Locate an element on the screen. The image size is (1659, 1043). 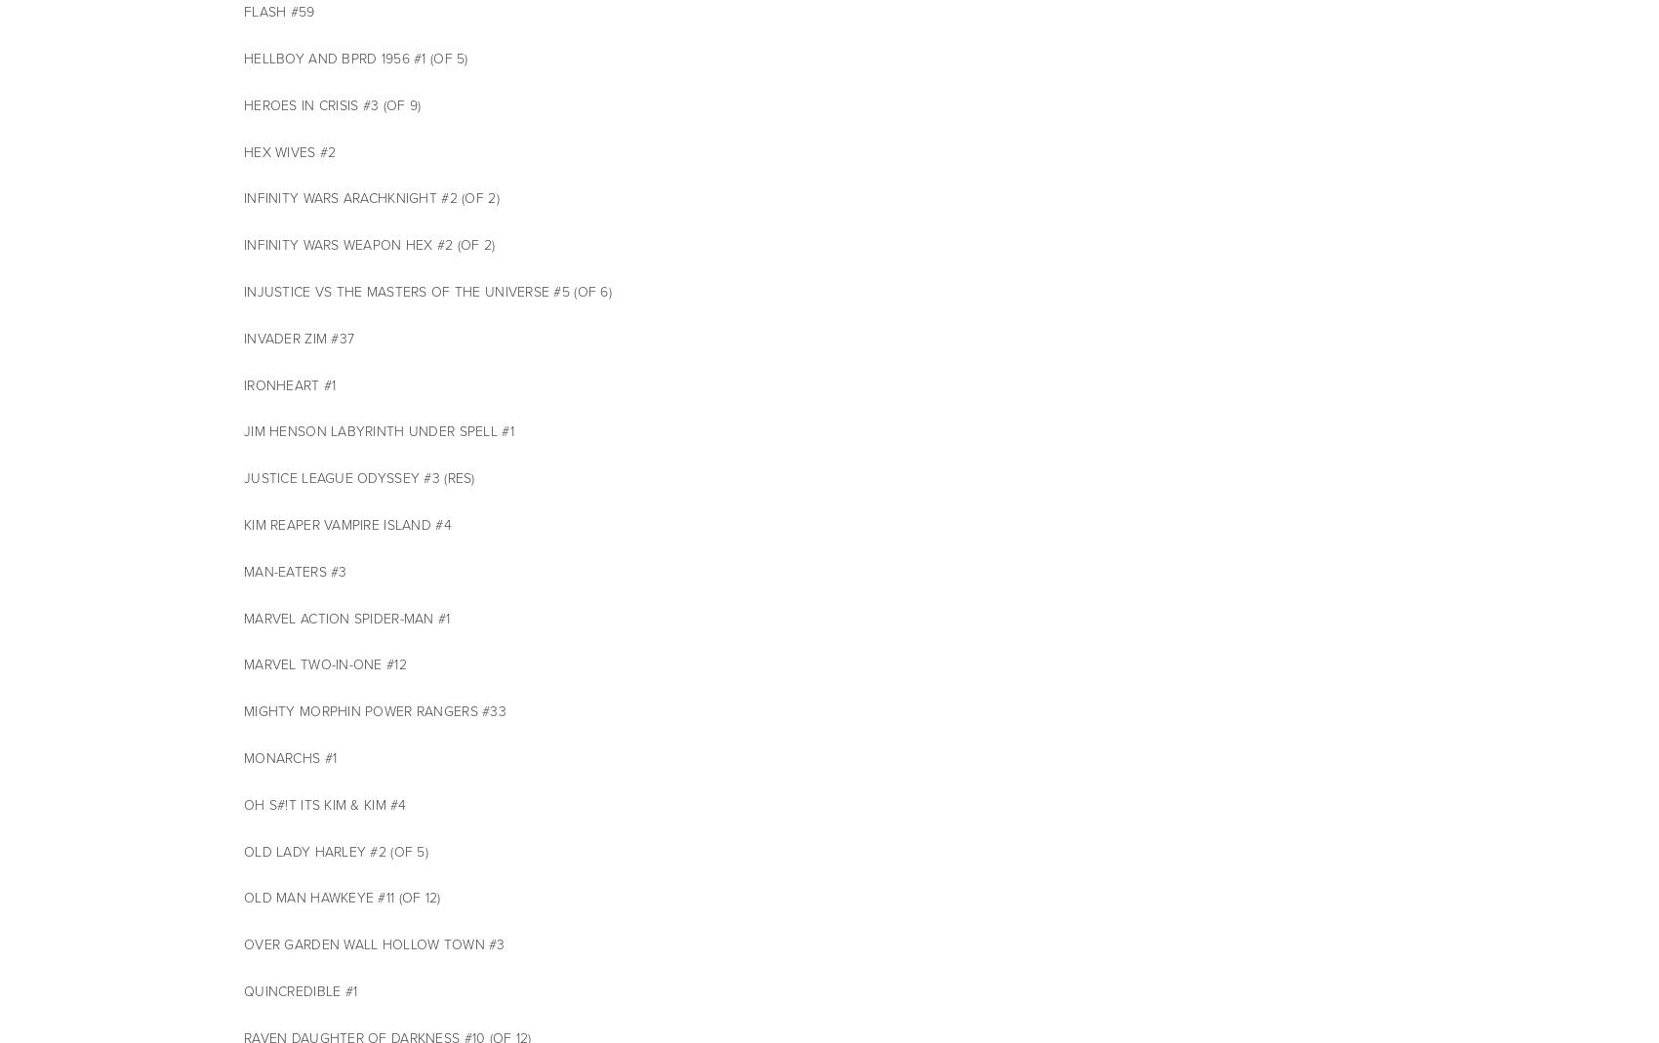
'MONARCHS #1' is located at coordinates (290, 758).